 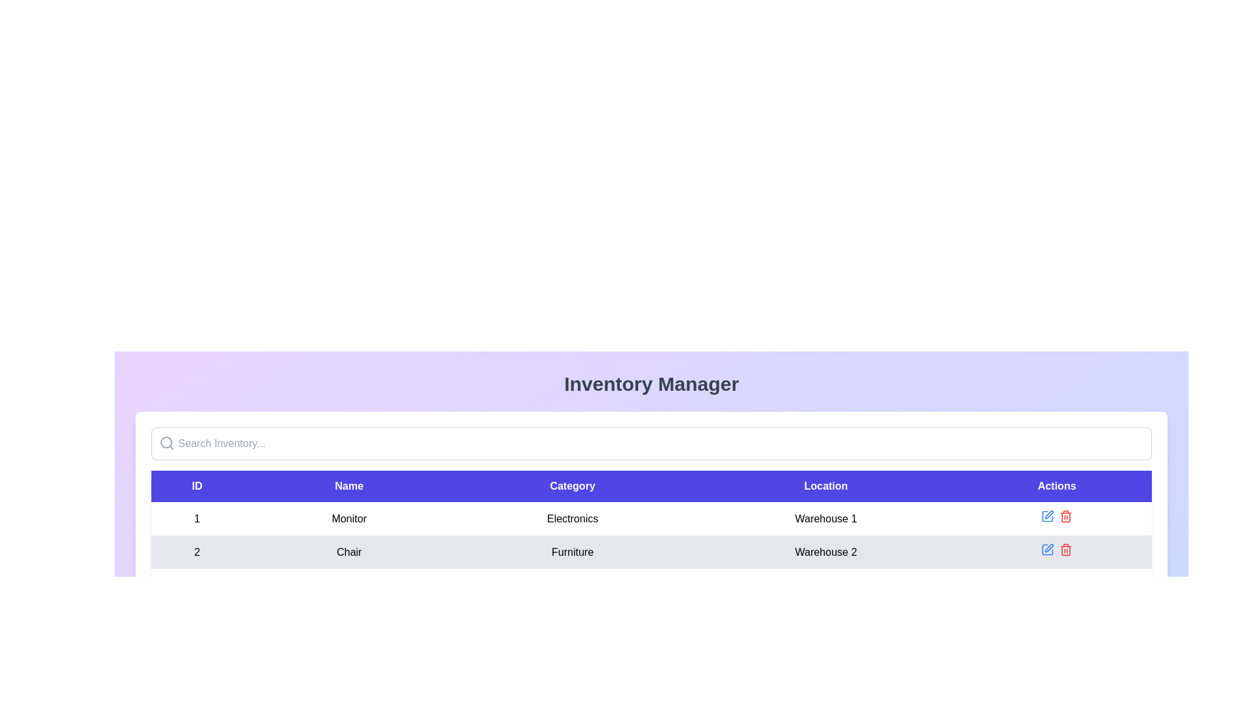 I want to click on the 'Actions' column header text label, which is the fifth element in the header row of the table, located at the far-right position, so click(x=1057, y=486).